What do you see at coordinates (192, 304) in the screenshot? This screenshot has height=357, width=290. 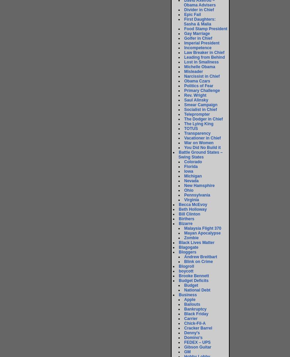 I see `'Bailouts'` at bounding box center [192, 304].